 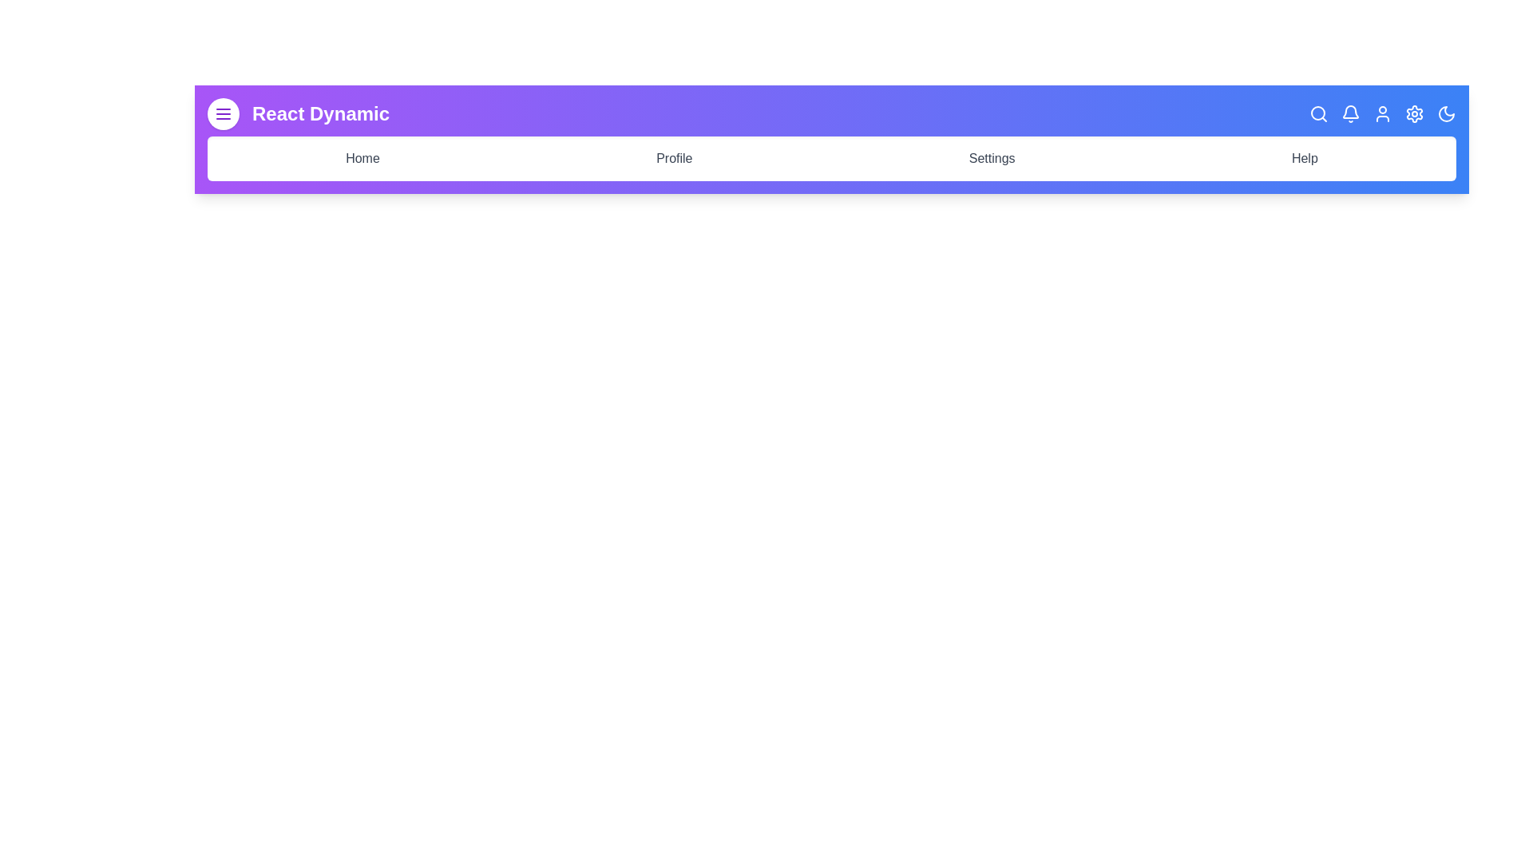 I want to click on the Search icon in the app bar, so click(x=1318, y=113).